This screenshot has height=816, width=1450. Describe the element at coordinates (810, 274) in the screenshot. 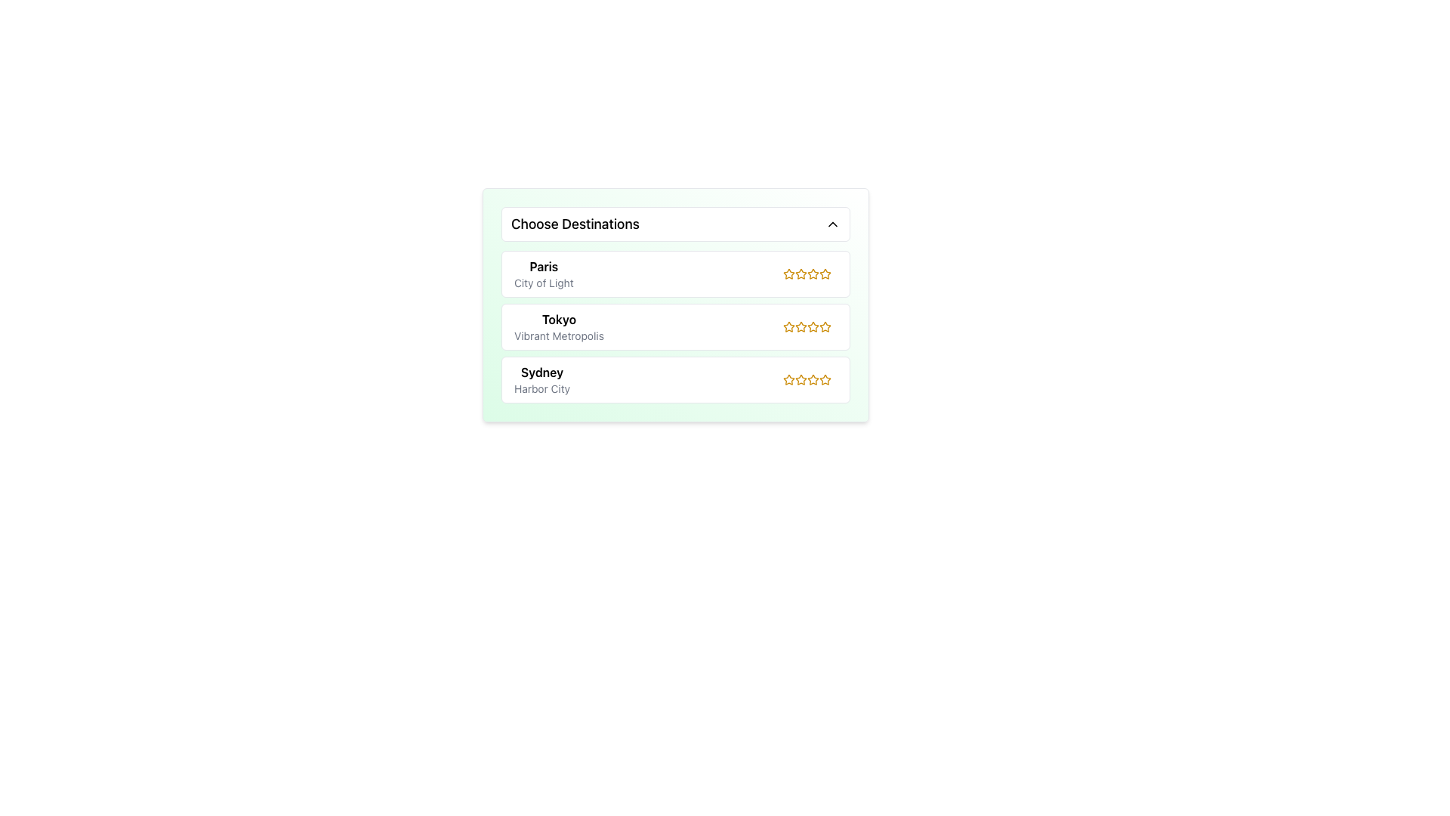

I see `the Rating stars group located to the right of the 'Paris City of Light' text block to indicate user feedback or quality` at that location.